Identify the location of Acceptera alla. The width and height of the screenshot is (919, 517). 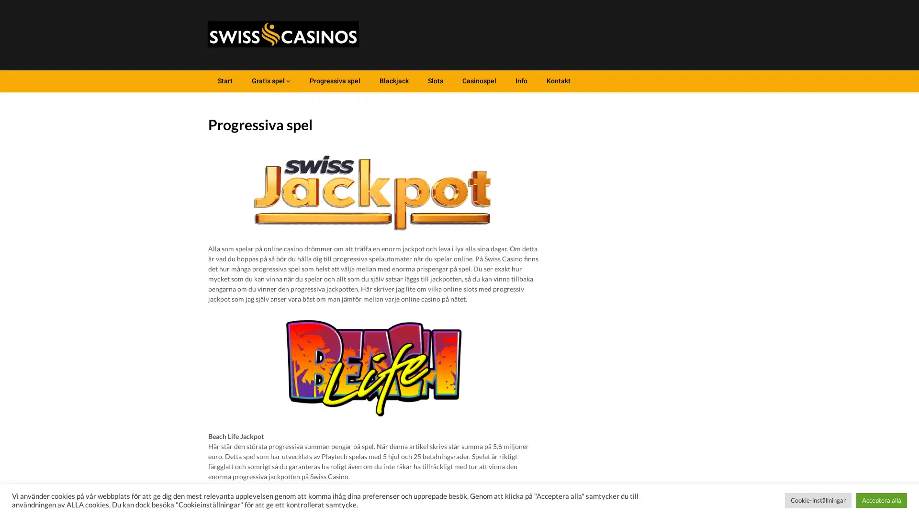
(881, 500).